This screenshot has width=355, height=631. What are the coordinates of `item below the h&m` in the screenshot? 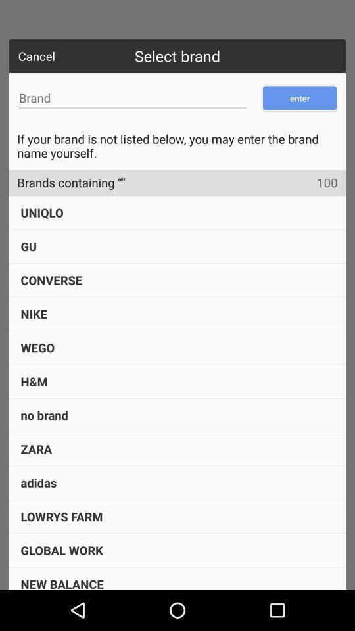 It's located at (44, 414).